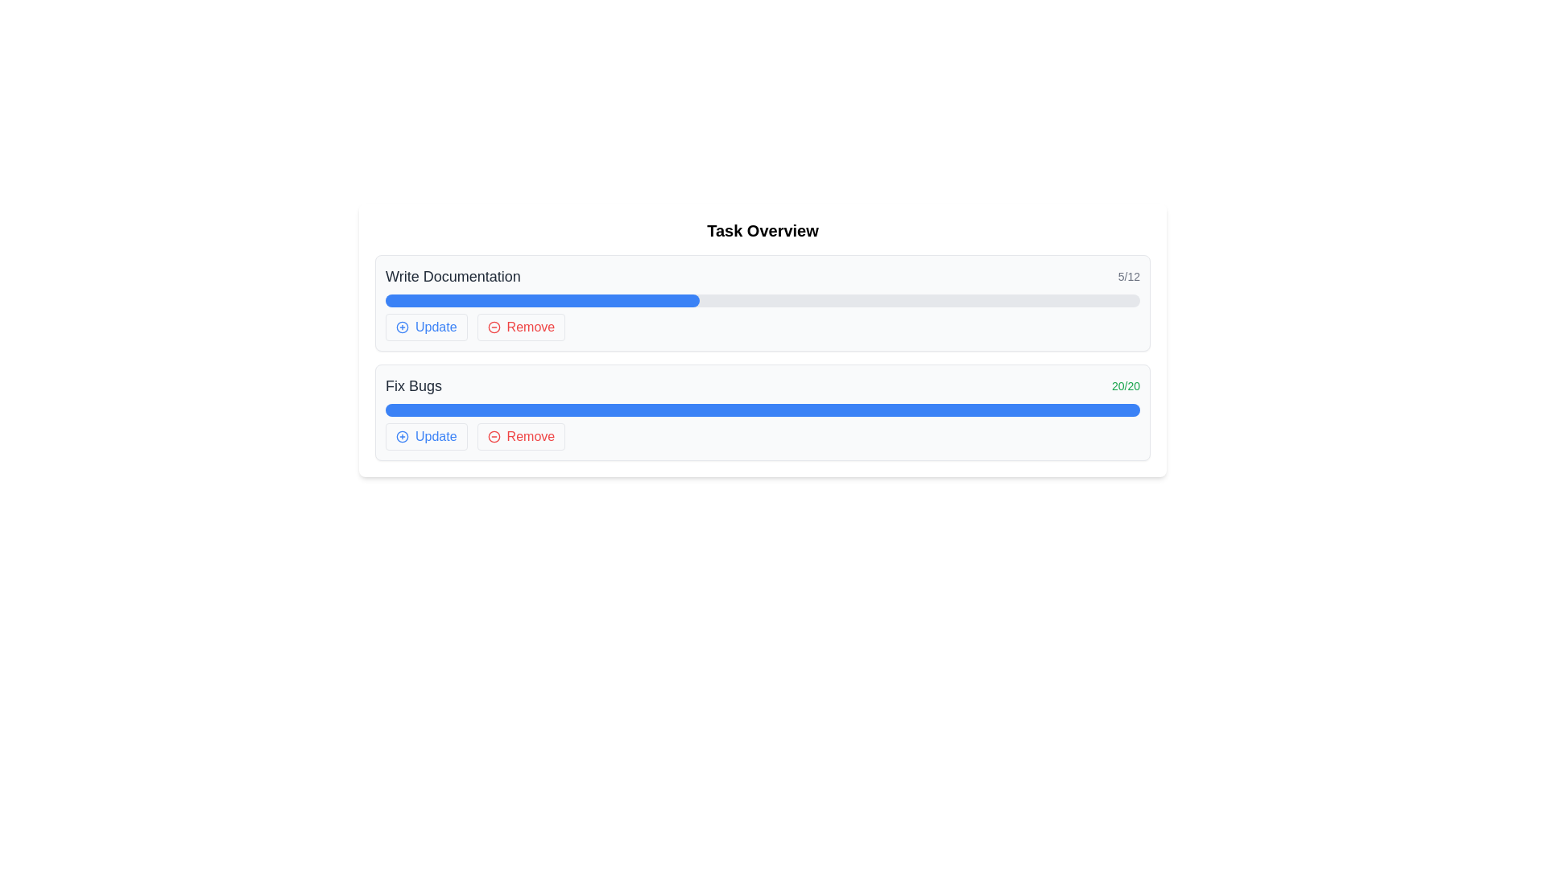 The width and height of the screenshot is (1546, 869). I want to click on the 'Update' button, which is styled with blue text and has a plus icon on its left, located in the 'Write Documentation' section, so click(426, 327).